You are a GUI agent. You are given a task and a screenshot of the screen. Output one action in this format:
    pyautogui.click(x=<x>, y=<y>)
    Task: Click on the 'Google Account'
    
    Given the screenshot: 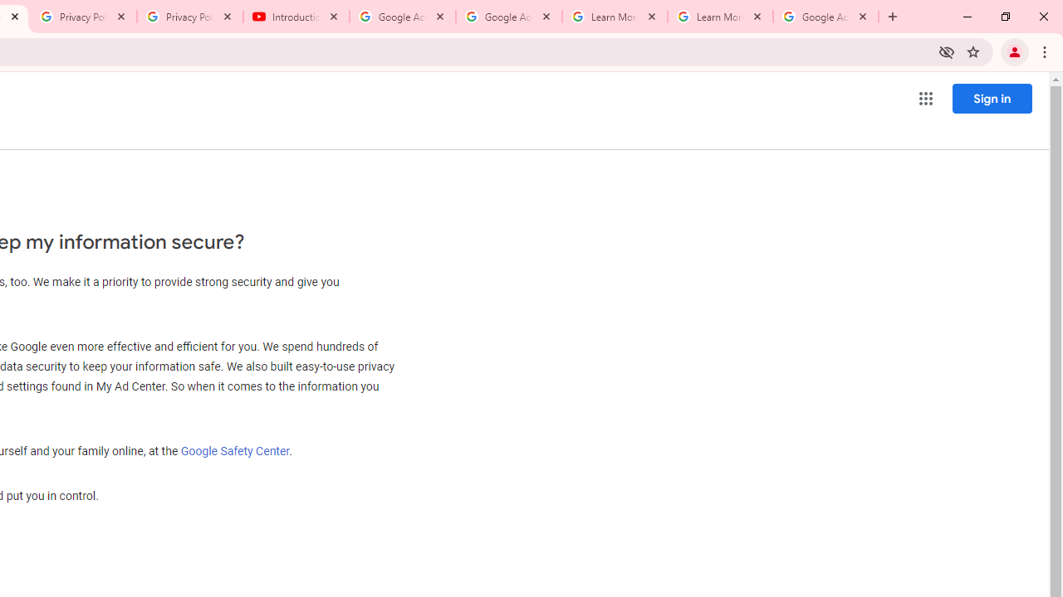 What is the action you would take?
    pyautogui.click(x=825, y=17)
    